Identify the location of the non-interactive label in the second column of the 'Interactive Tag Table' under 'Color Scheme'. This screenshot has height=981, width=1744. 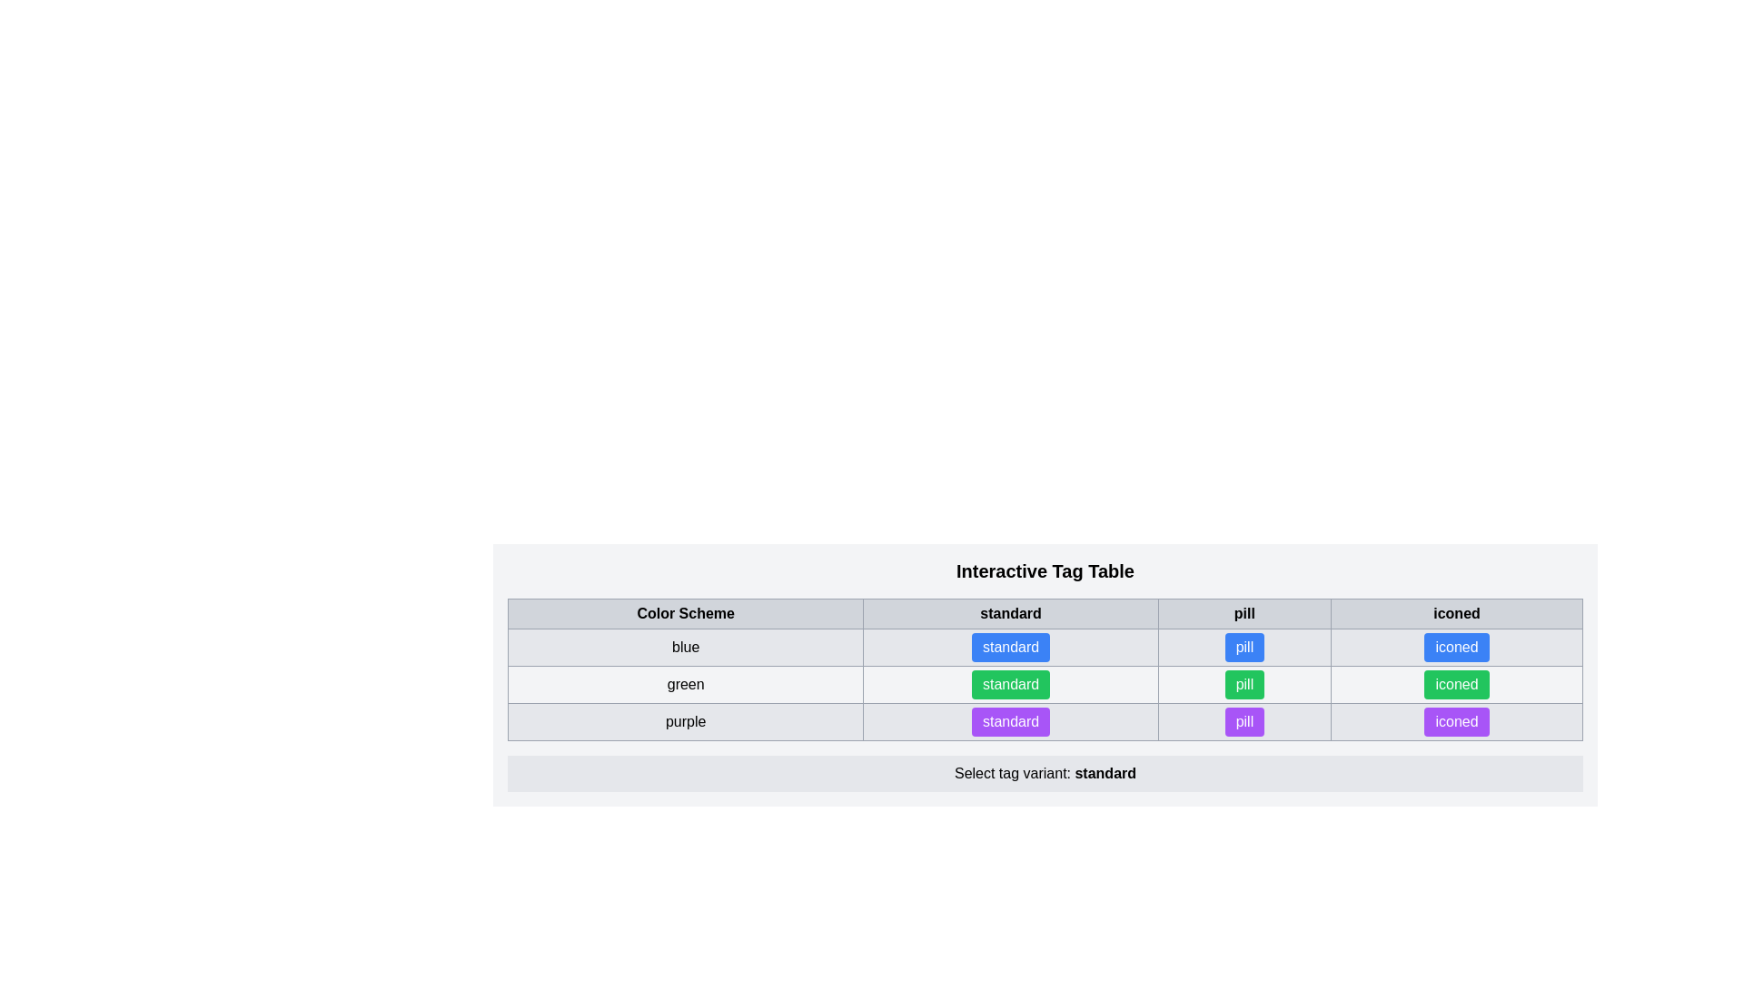
(1010, 613).